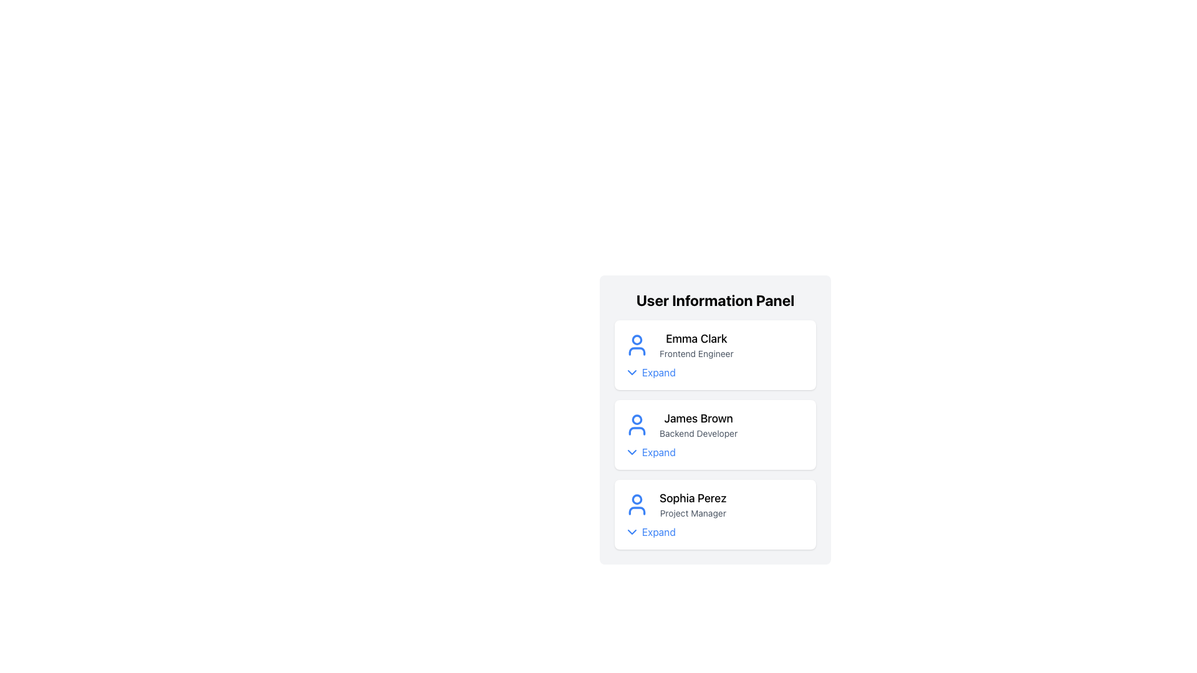 This screenshot has height=673, width=1197. I want to click on the blue user profile icon resembling a head and shoulders silhouette, so click(637, 345).